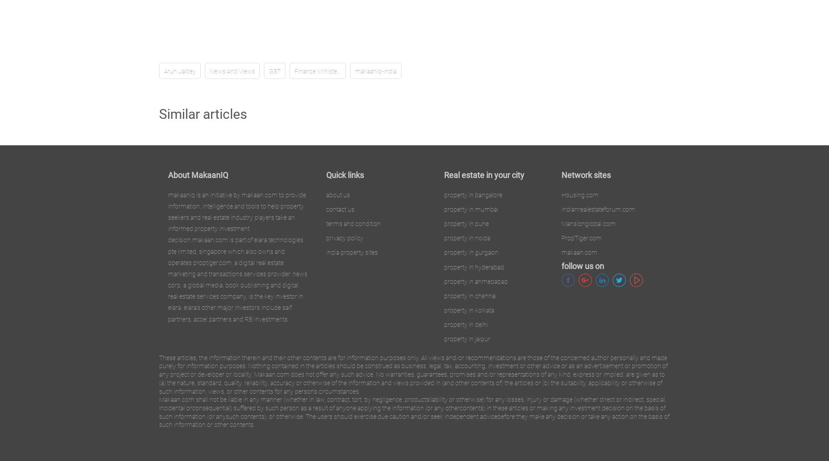  I want to click on 'About MakaanIQ', so click(197, 174).